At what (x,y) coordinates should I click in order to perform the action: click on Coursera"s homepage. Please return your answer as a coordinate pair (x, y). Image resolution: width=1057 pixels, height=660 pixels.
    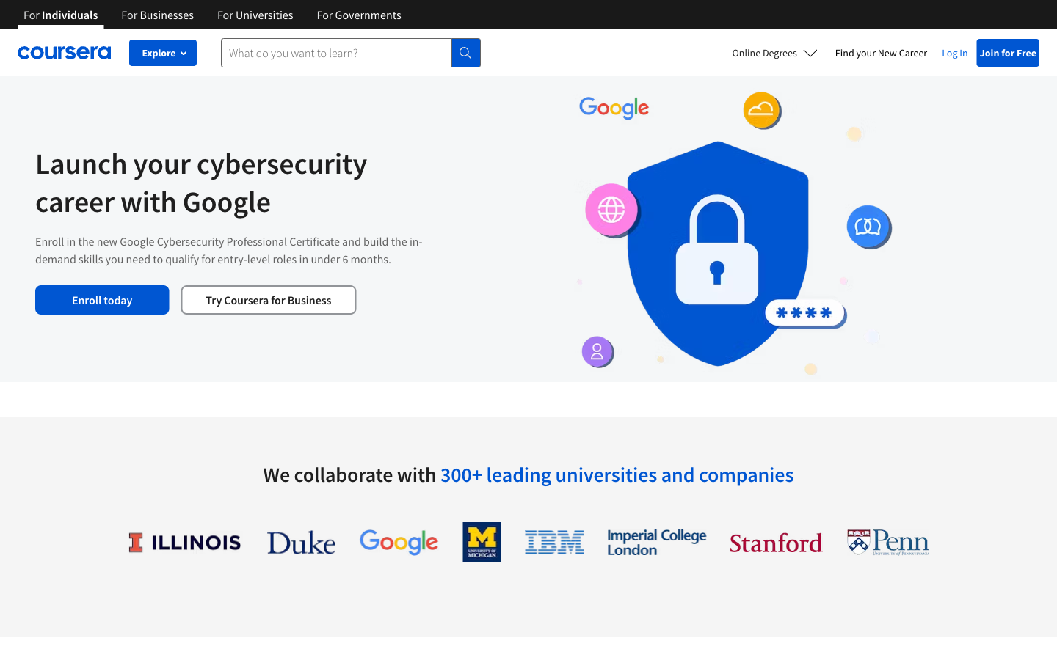
    Looking at the image, I should click on (64, 52).